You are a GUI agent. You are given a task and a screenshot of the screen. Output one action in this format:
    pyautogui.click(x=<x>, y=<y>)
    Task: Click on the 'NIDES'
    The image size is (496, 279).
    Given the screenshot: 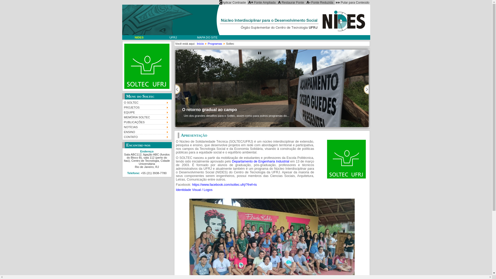 What is the action you would take?
    pyautogui.click(x=139, y=37)
    